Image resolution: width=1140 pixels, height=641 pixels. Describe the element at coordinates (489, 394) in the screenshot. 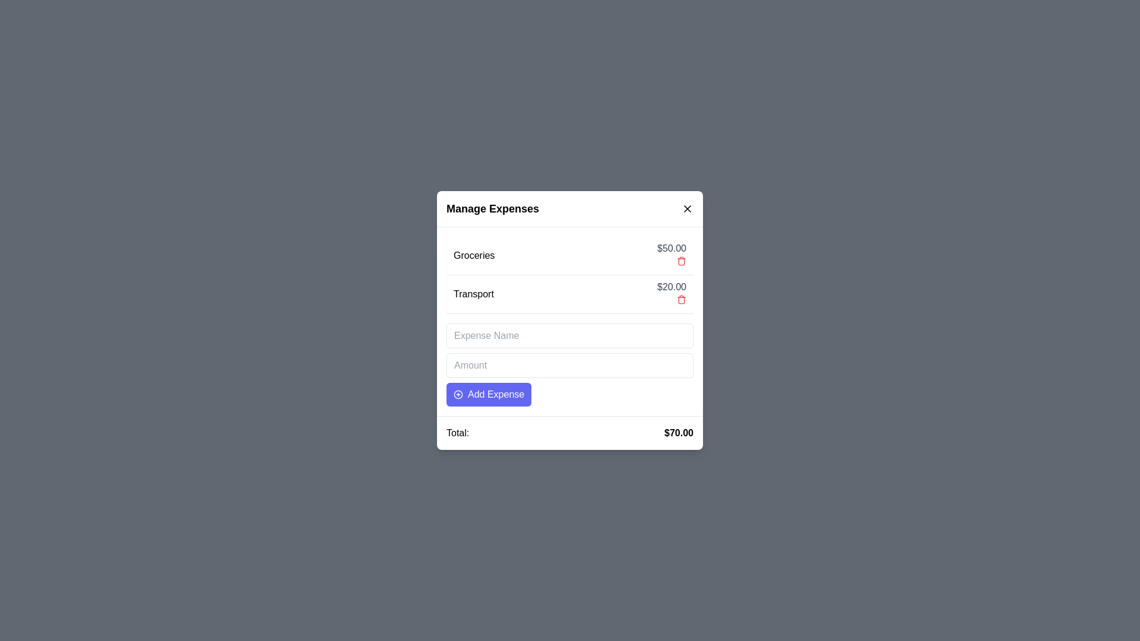

I see `the 'Add Expense' button located within the 'Manage Expenses' modal dialog` at that location.